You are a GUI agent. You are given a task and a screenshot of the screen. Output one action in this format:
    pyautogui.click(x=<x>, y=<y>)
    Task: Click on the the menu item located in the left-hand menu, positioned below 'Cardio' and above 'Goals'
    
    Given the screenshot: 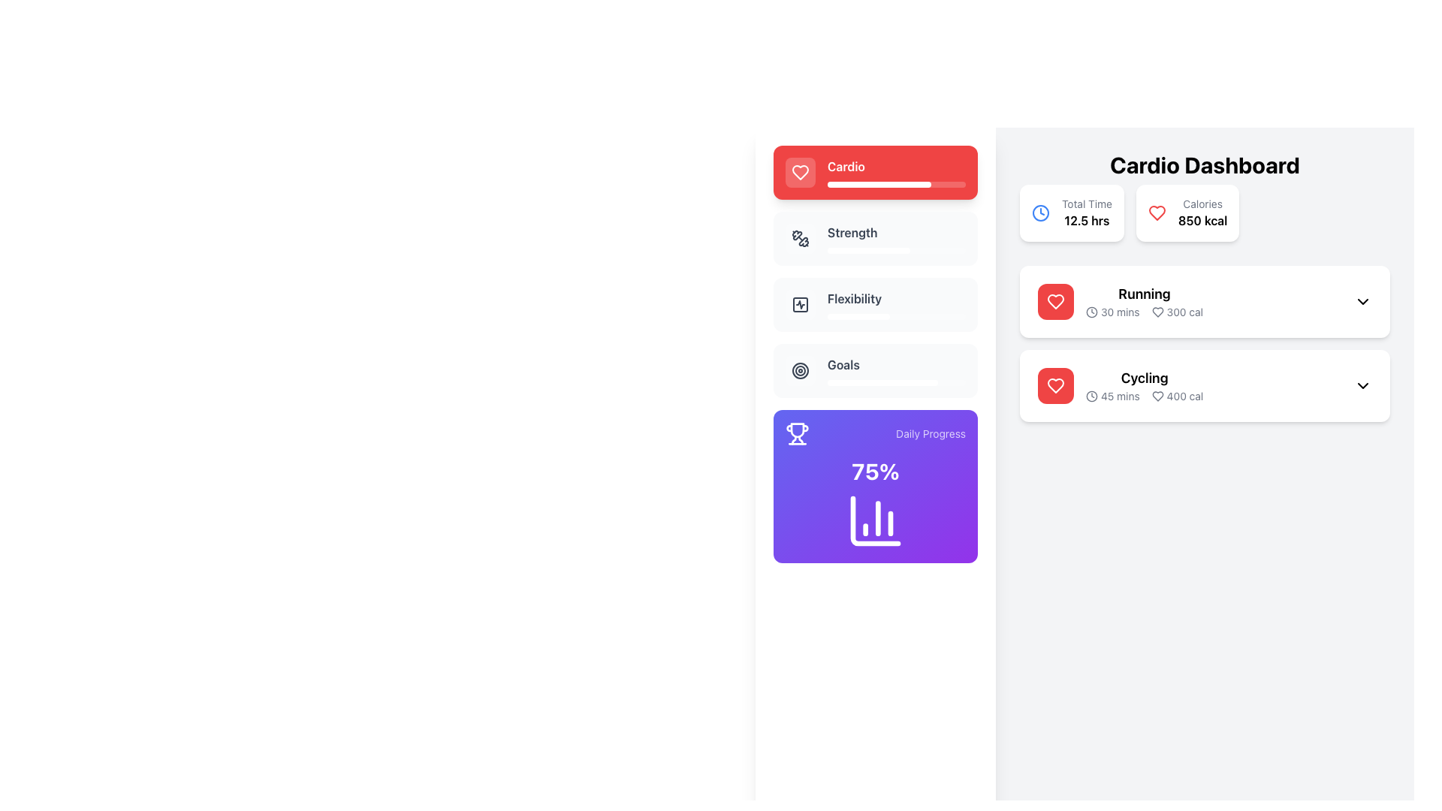 What is the action you would take?
    pyautogui.click(x=876, y=304)
    